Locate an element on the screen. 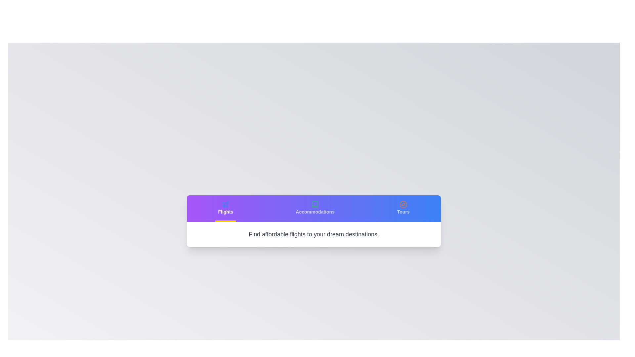 This screenshot has height=357, width=635. the Accommodations tab to view its content is located at coordinates (315, 209).